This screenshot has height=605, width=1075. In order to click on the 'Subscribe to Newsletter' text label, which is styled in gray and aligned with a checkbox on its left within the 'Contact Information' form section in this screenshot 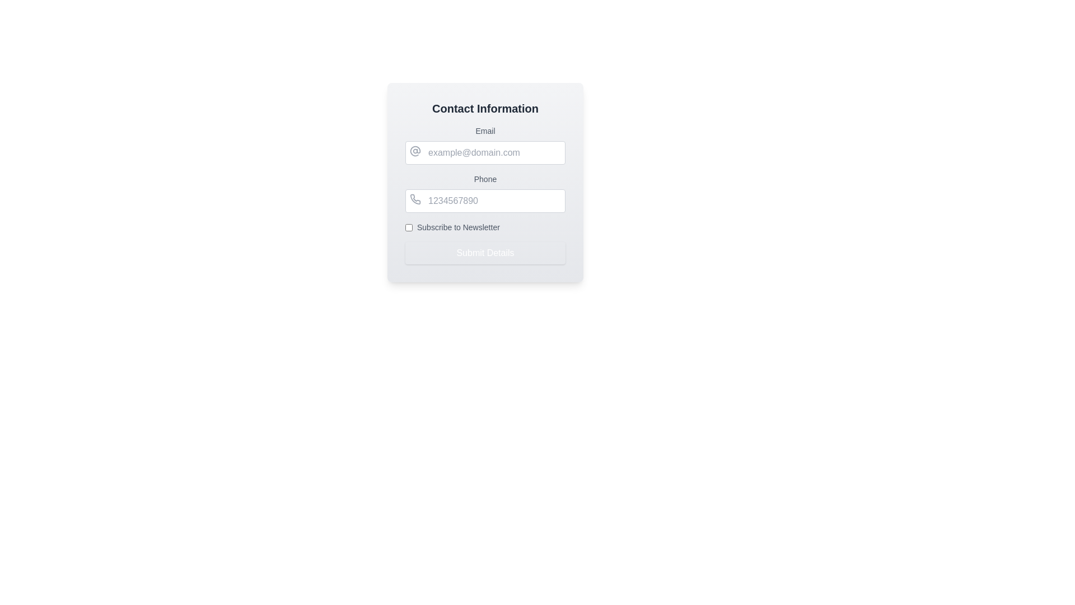, I will do `click(458, 227)`.